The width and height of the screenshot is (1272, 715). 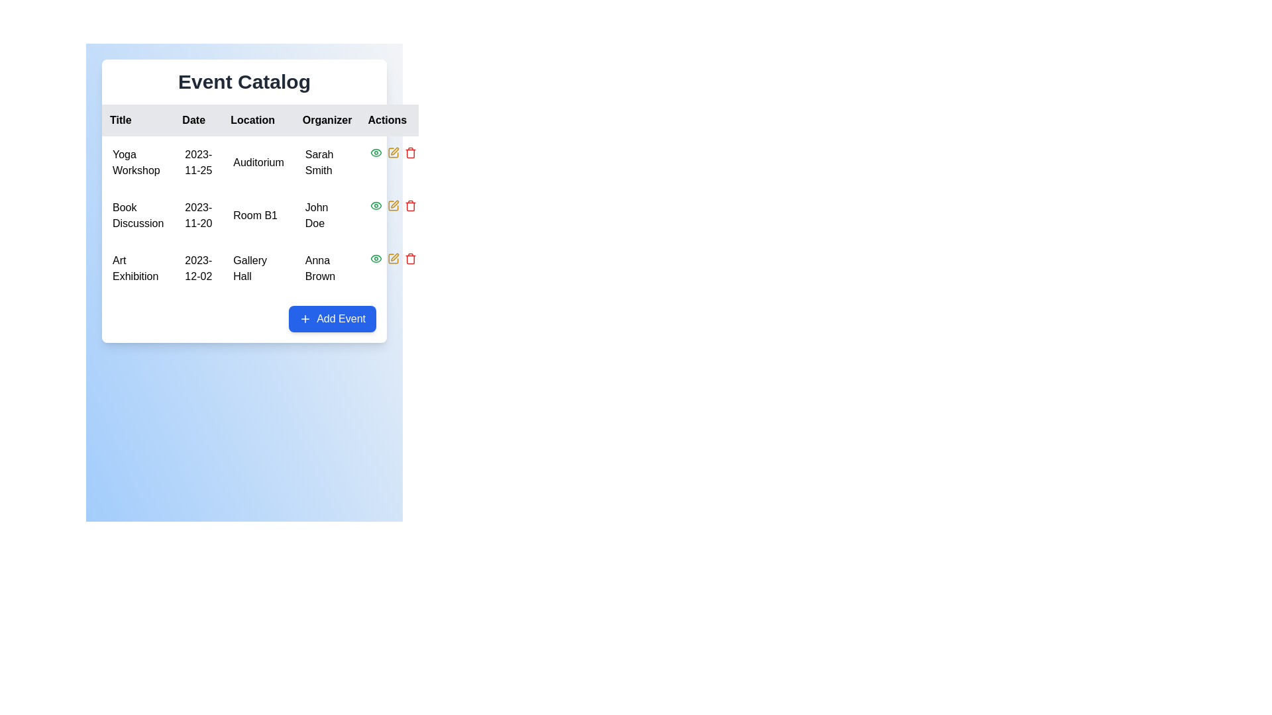 I want to click on the static text display that shows the name of the organizer for the event, located in the fourth column and third row of the table under the 'Organizer' heading, so click(x=327, y=268).